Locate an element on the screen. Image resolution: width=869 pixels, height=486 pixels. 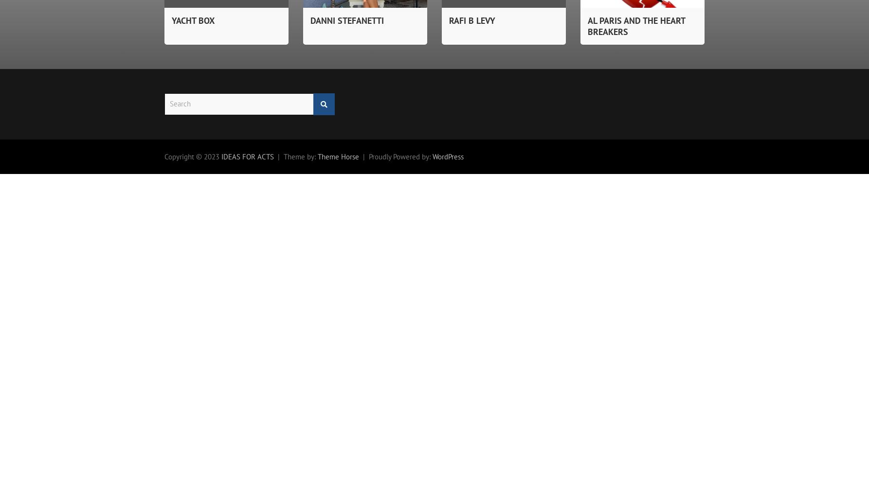
'DANNI STEFANETTI' is located at coordinates (347, 20).